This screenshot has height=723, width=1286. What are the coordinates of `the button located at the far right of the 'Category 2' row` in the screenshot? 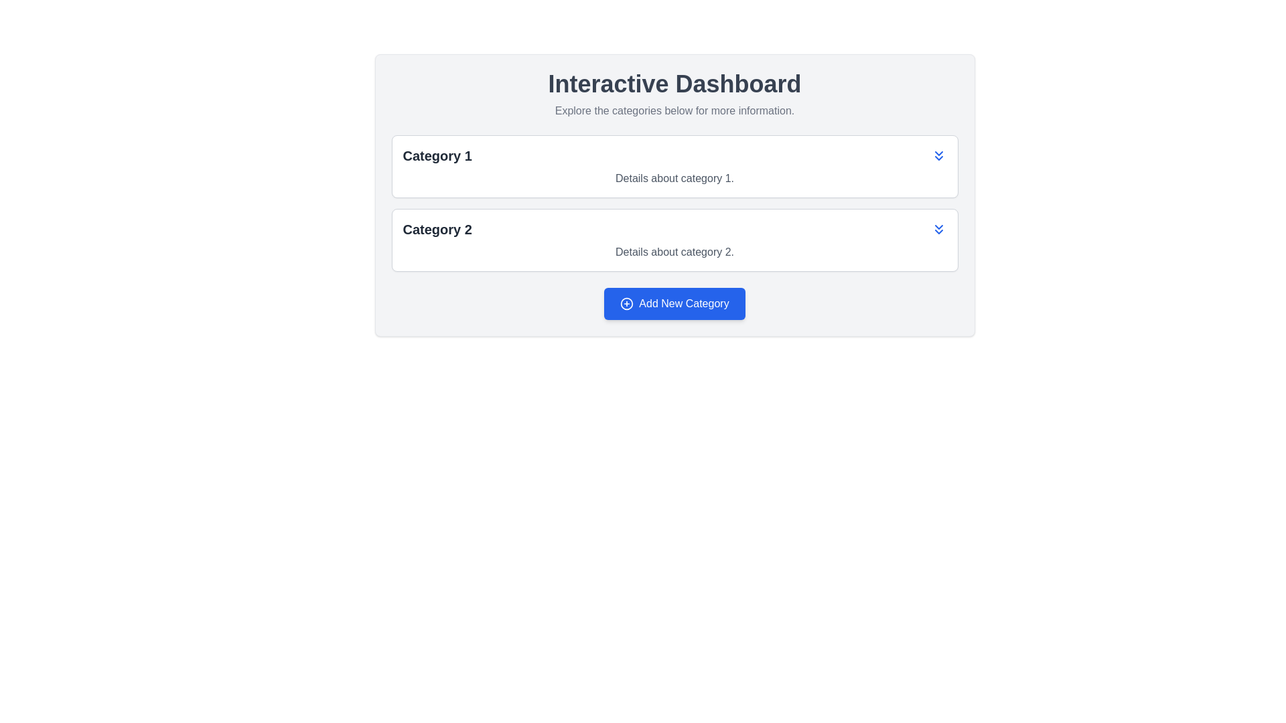 It's located at (938, 229).